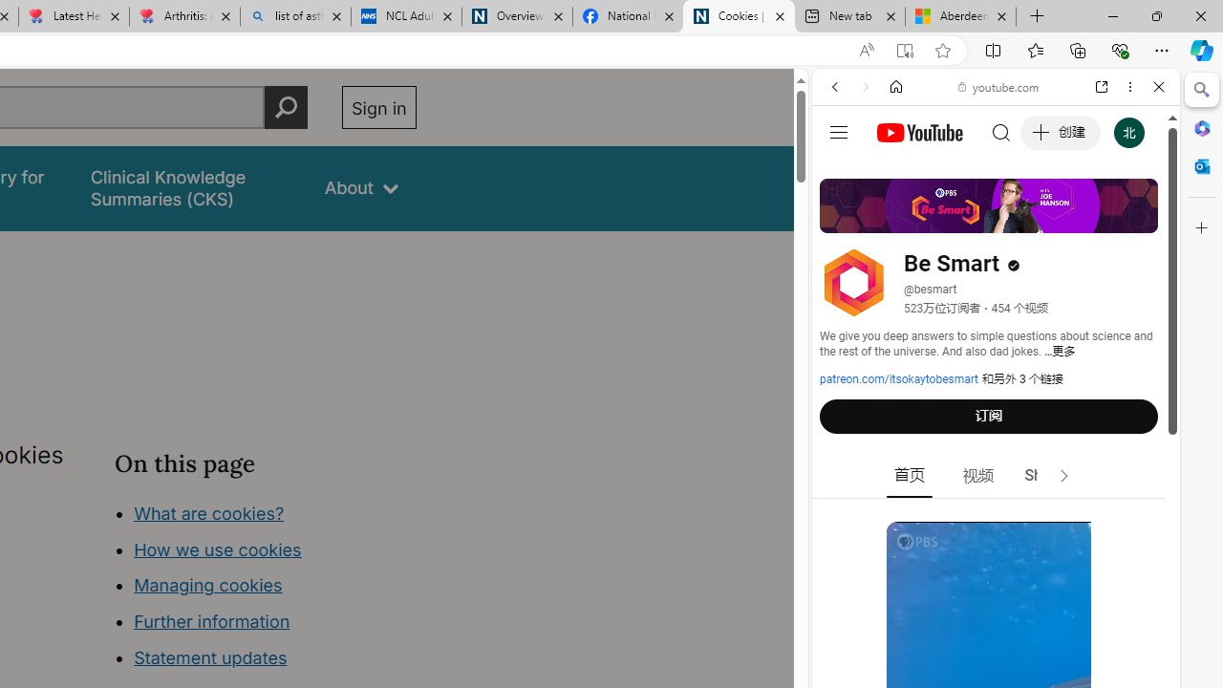 This screenshot has height=688, width=1223. What do you see at coordinates (208, 512) in the screenshot?
I see `'What are cookies?'` at bounding box center [208, 512].